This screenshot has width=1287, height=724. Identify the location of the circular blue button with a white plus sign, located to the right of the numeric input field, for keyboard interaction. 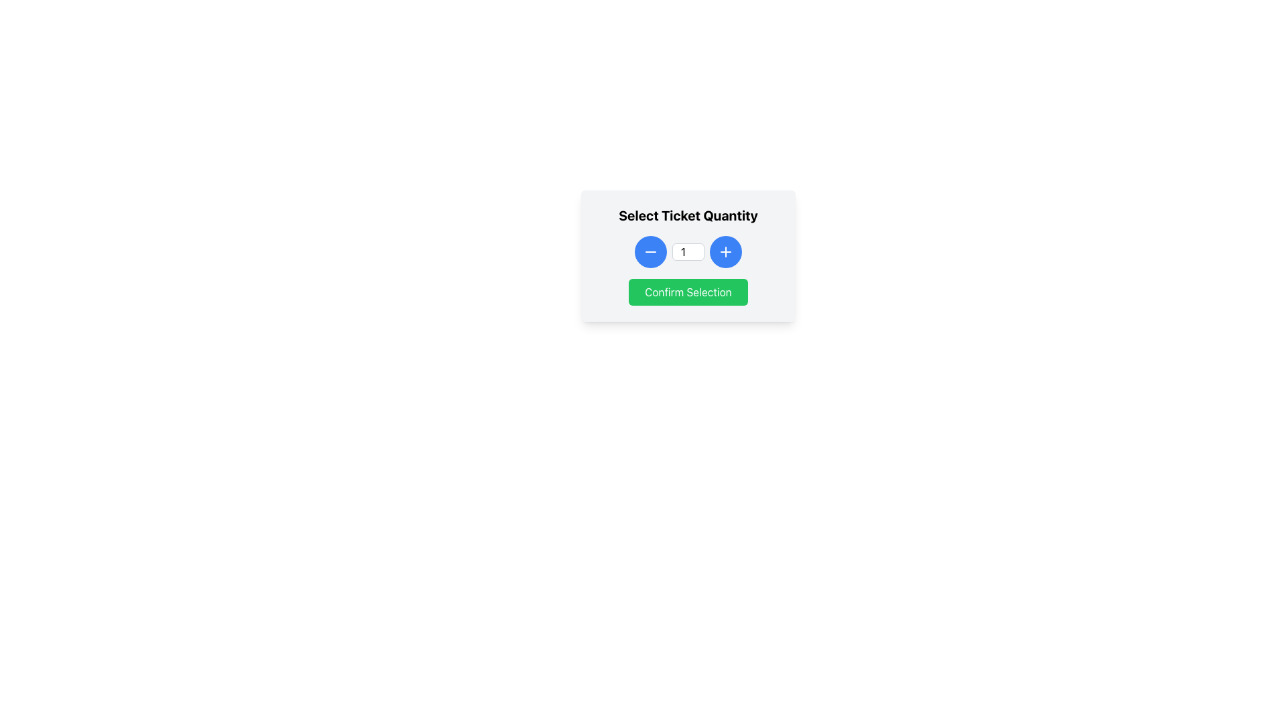
(725, 251).